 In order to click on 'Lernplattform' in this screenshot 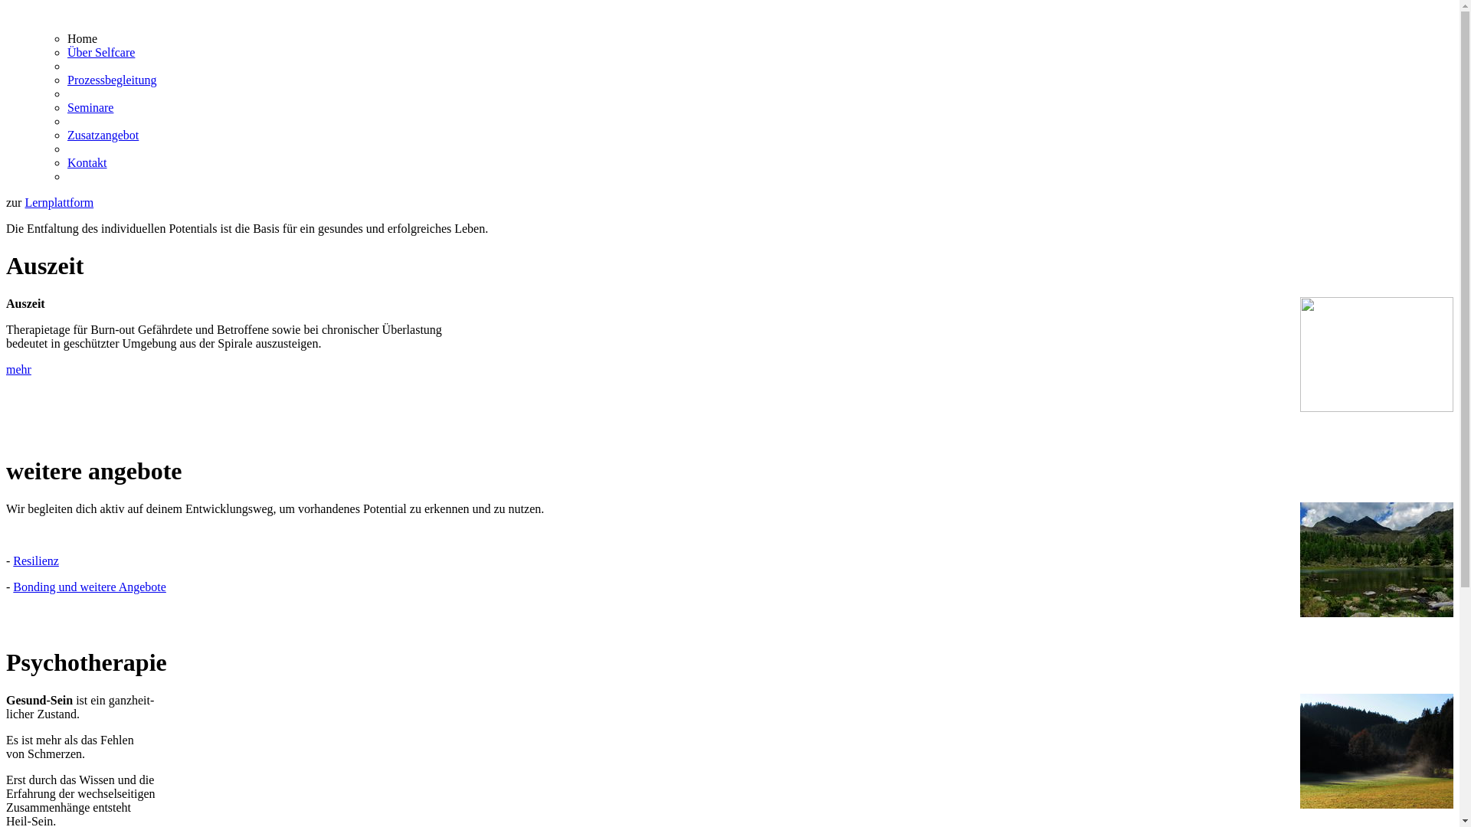, I will do `click(58, 201)`.